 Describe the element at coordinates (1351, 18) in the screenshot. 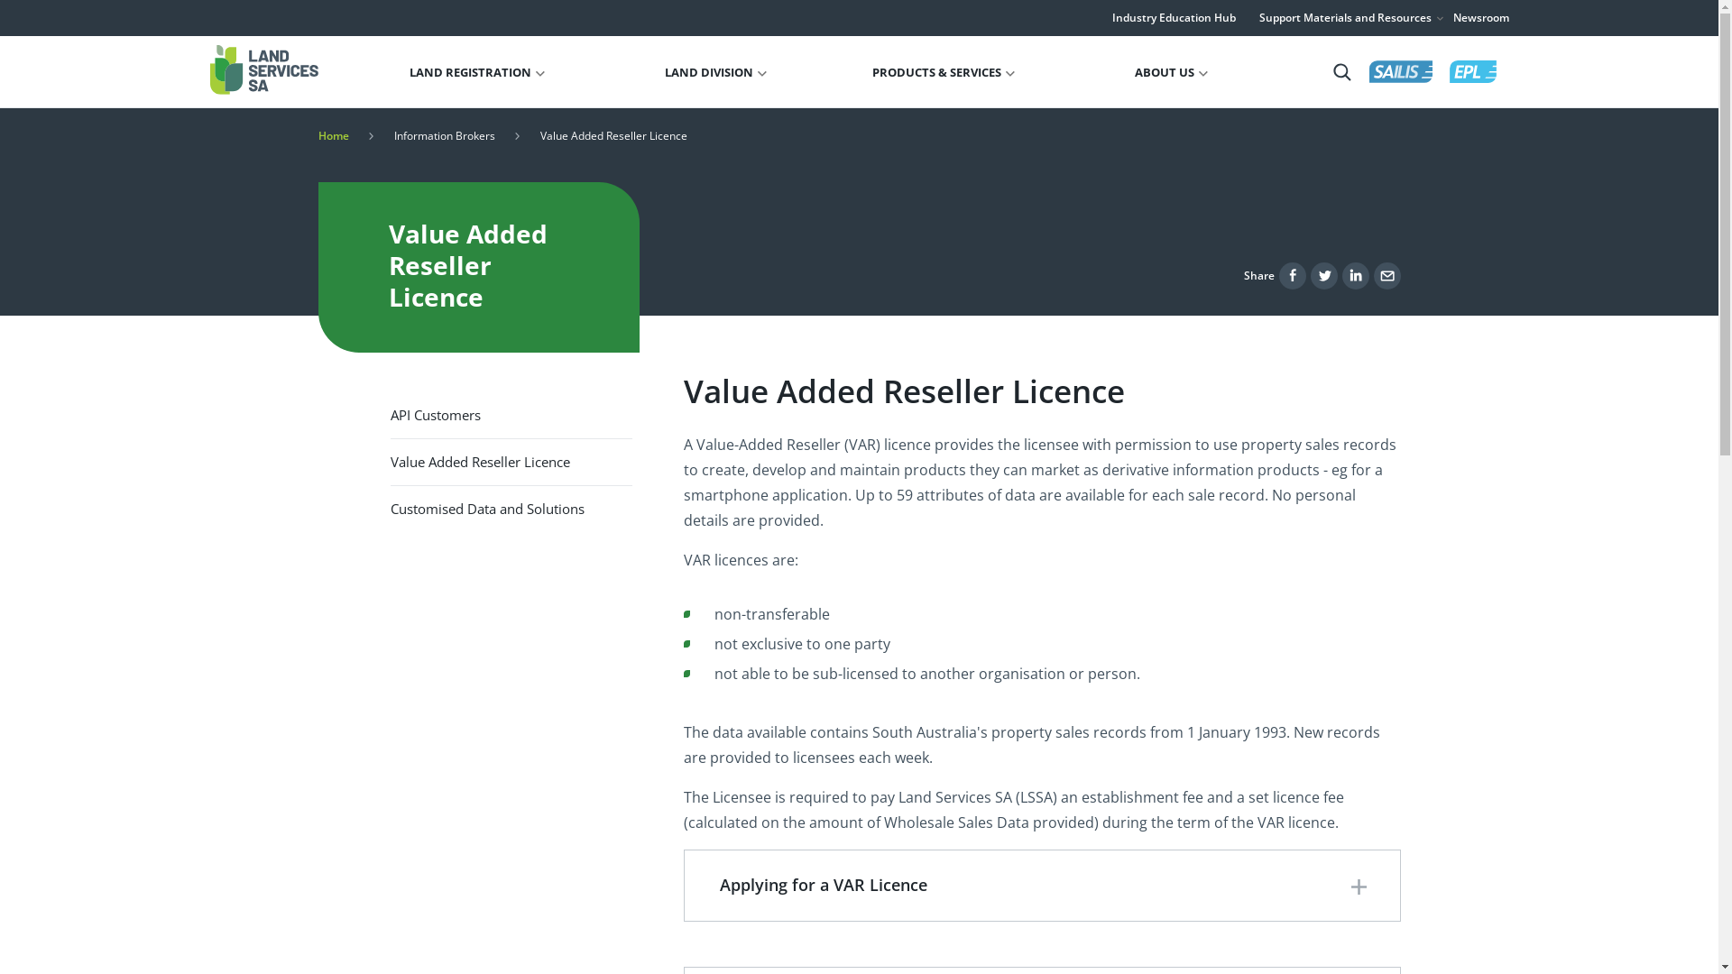

I see `'Support Materials and Resources'` at that location.